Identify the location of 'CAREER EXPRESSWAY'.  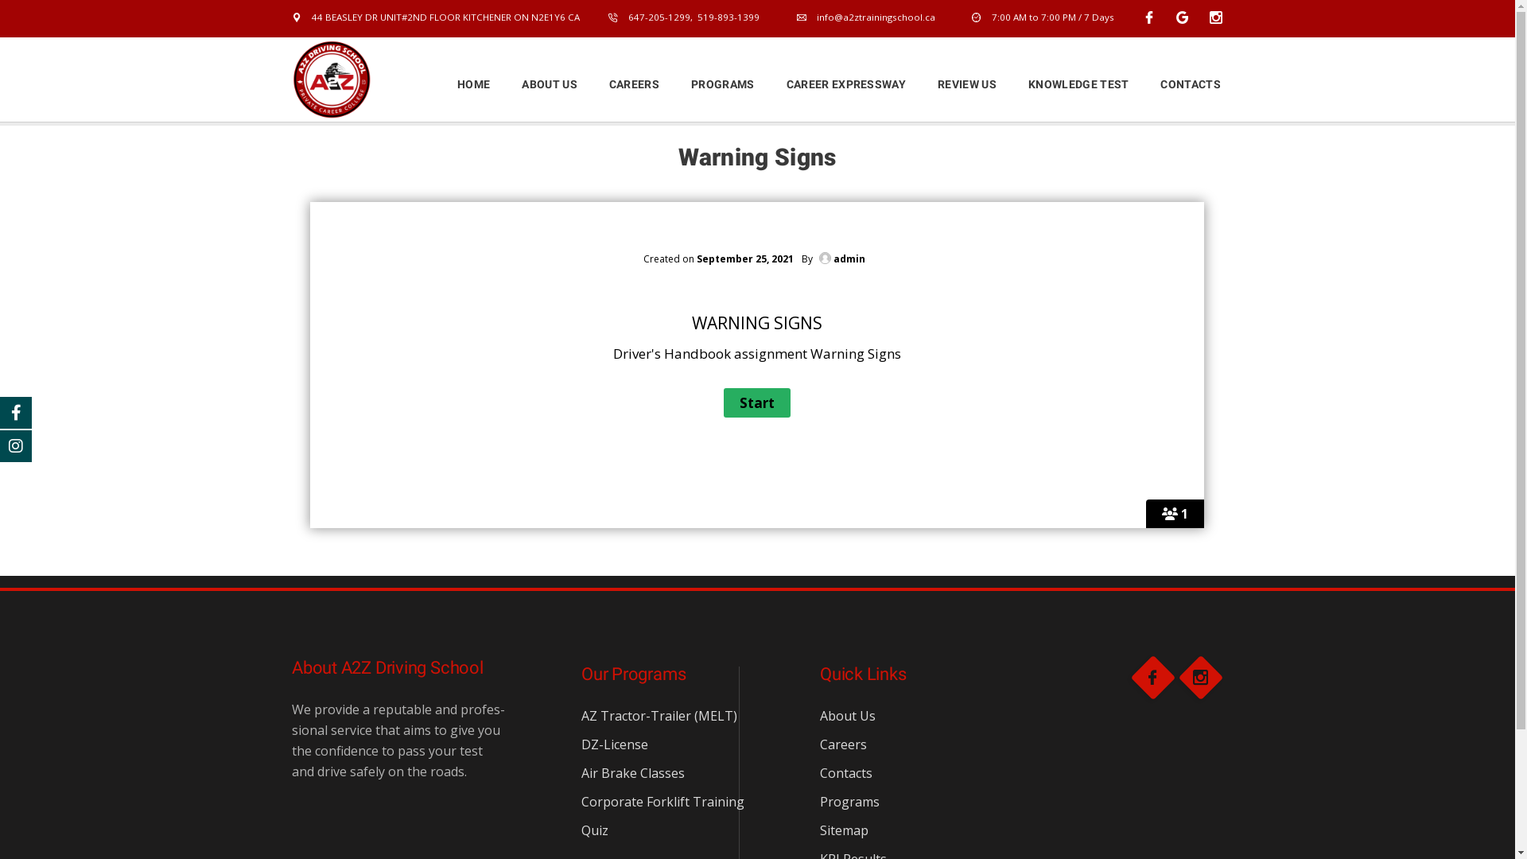
(845, 84).